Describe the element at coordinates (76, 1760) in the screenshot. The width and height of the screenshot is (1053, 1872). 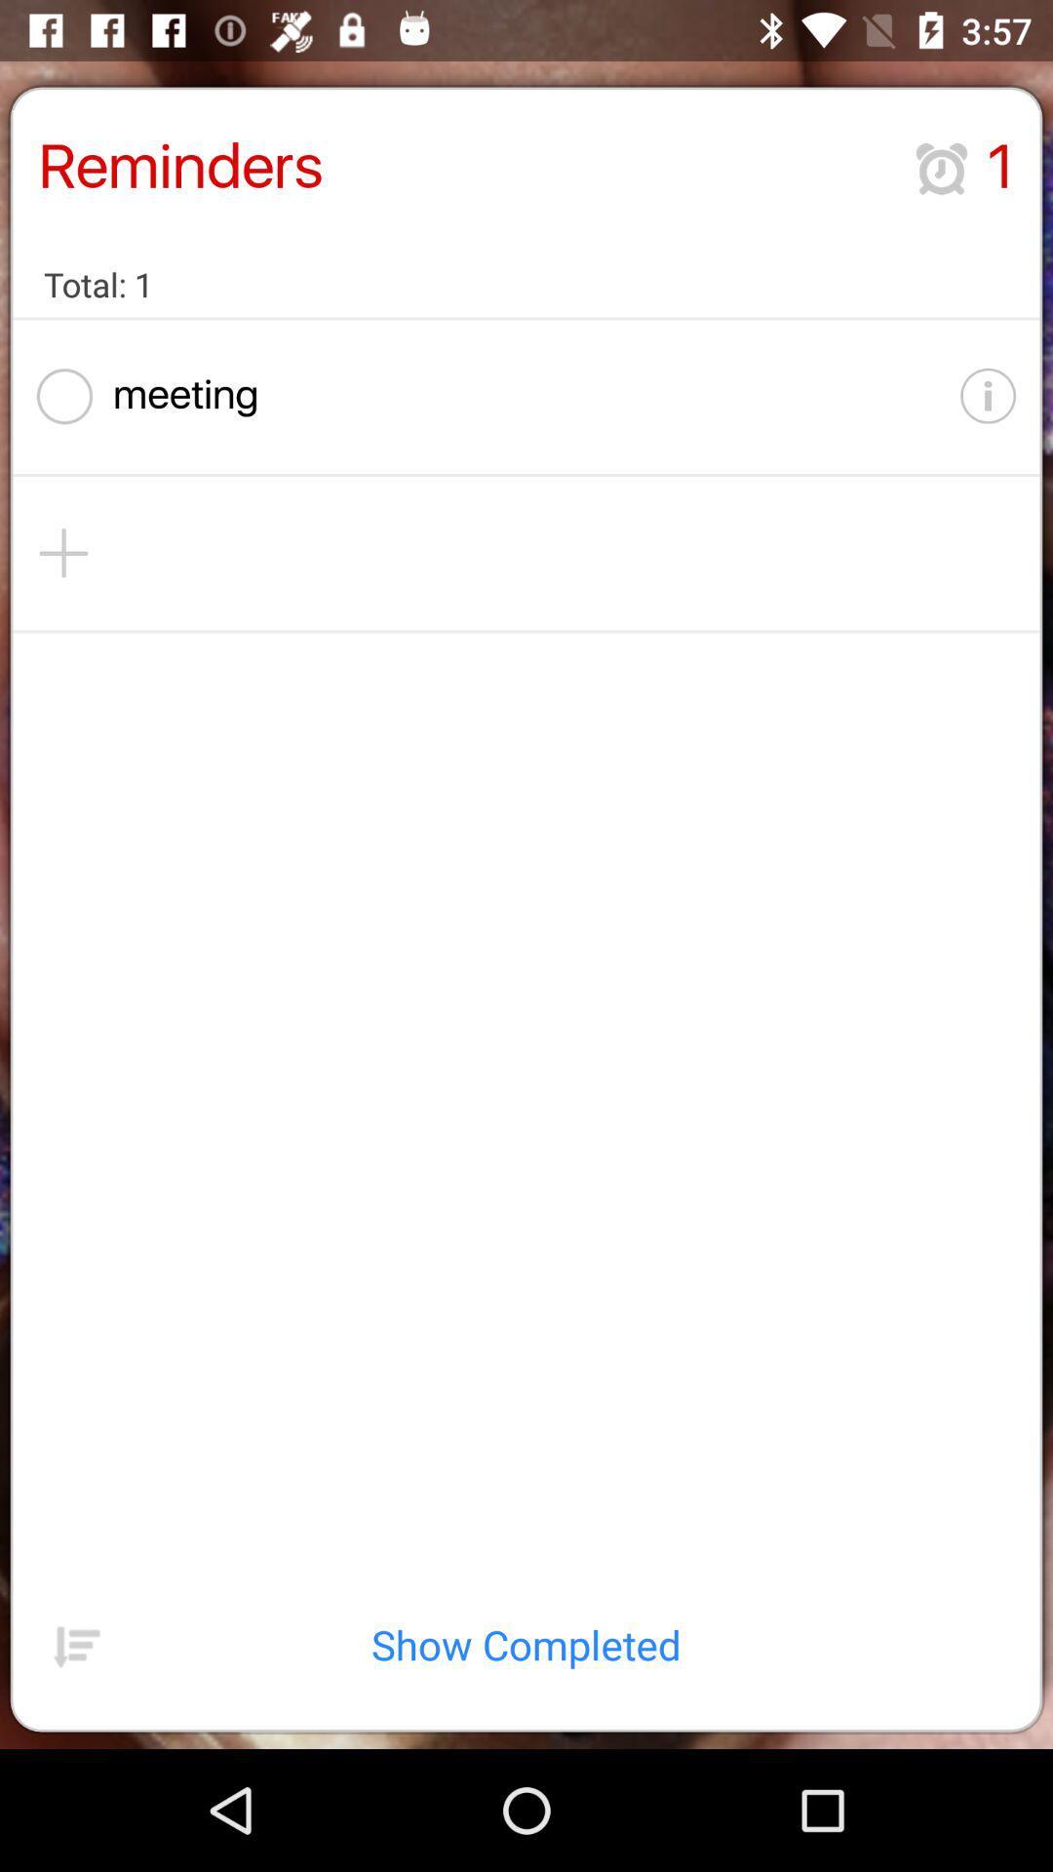
I see `the filter_list icon` at that location.